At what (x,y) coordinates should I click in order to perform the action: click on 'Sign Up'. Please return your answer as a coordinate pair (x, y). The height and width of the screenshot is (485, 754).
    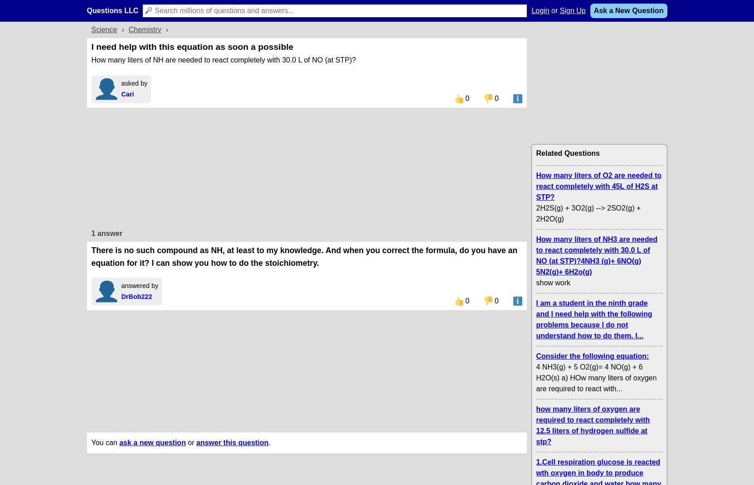
    Looking at the image, I should click on (572, 10).